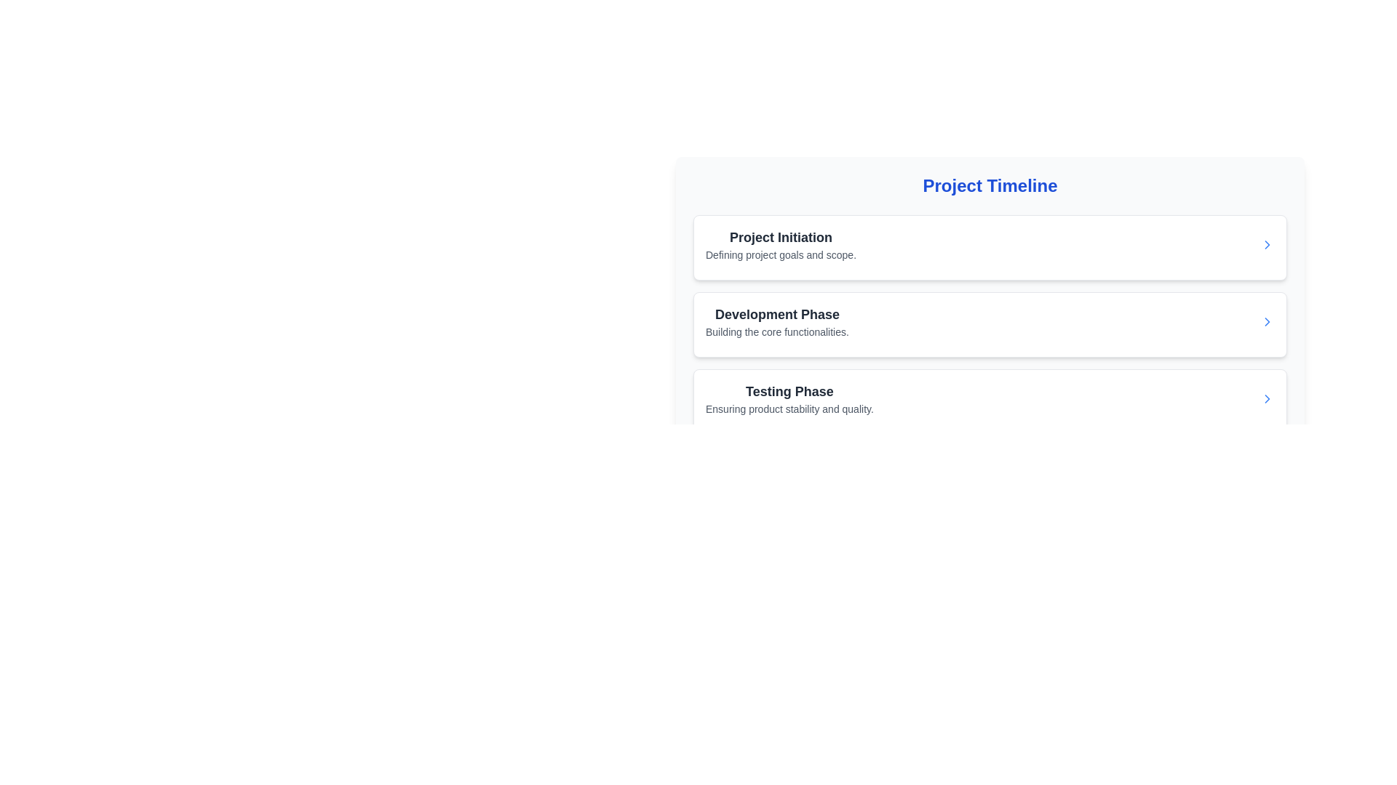 This screenshot has width=1397, height=785. I want to click on text content of the Text block that serves as a section header and description for the 'Testing Phase' of the project timeline, which is located beneath the 'Development Phase' section, so click(789, 398).